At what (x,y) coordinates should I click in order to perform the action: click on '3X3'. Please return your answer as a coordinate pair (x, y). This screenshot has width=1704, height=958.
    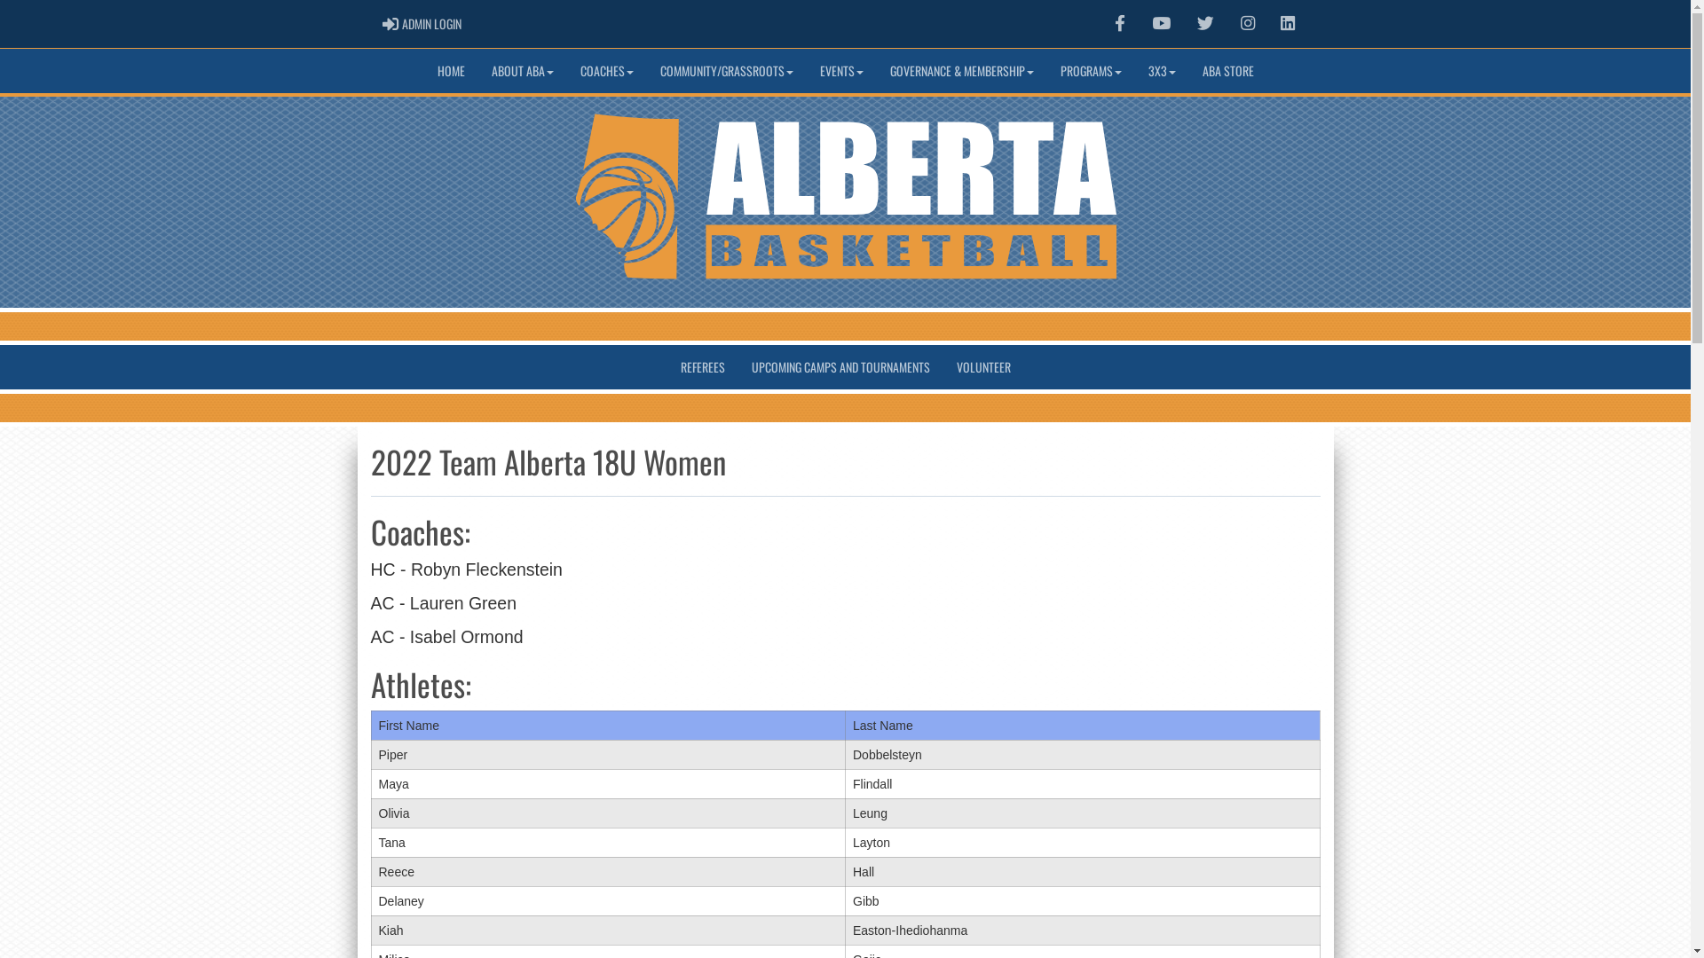
    Looking at the image, I should click on (1161, 70).